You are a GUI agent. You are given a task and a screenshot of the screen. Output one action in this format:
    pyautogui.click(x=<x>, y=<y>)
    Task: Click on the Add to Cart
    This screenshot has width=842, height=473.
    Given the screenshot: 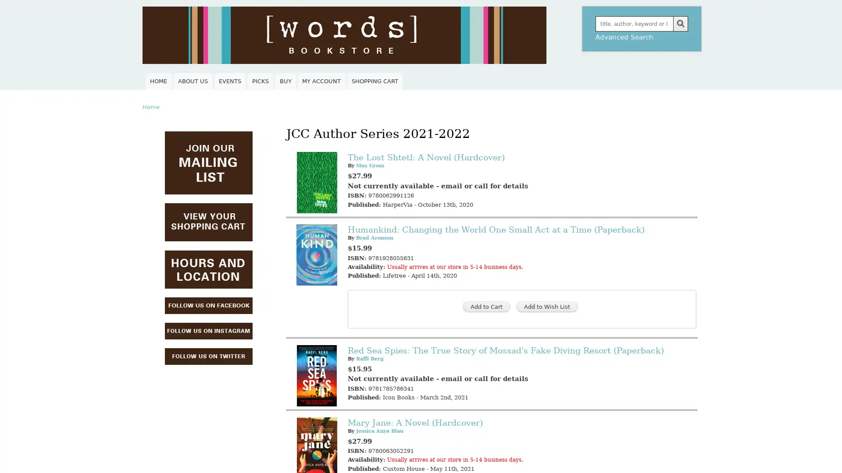 What is the action you would take?
    pyautogui.click(x=486, y=306)
    